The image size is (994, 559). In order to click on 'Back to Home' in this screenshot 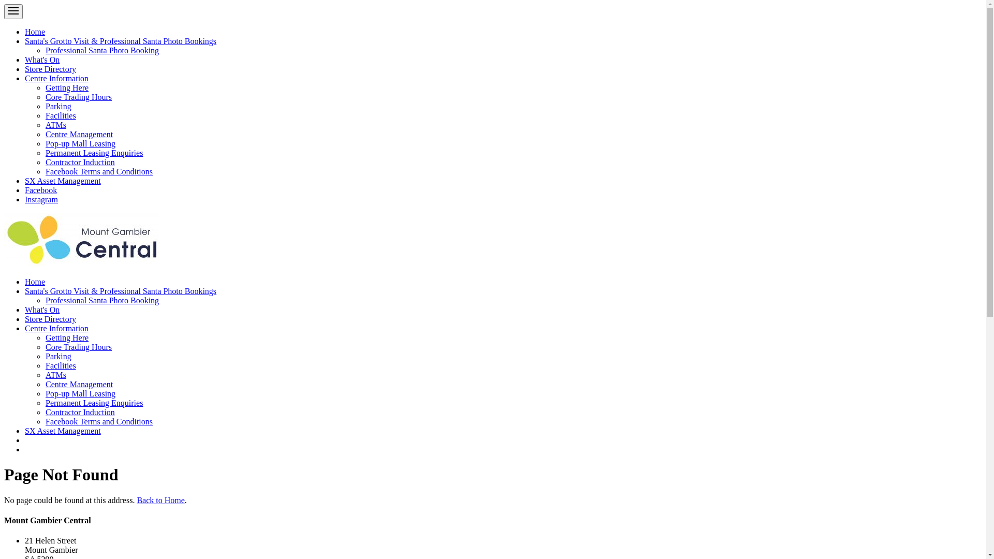, I will do `click(160, 499)`.